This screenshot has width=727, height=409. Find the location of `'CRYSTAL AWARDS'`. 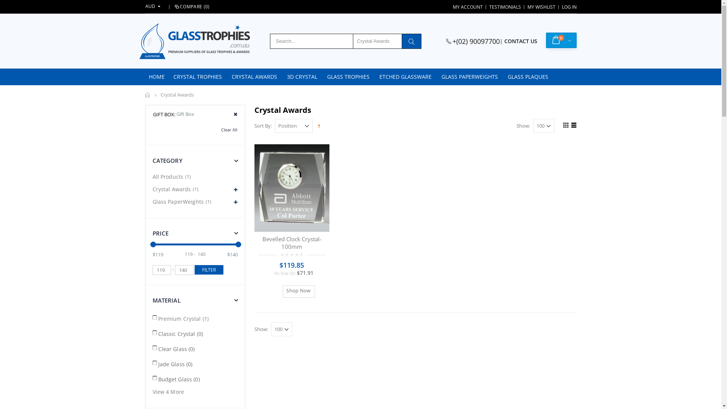

'CRYSTAL AWARDS' is located at coordinates (254, 77).